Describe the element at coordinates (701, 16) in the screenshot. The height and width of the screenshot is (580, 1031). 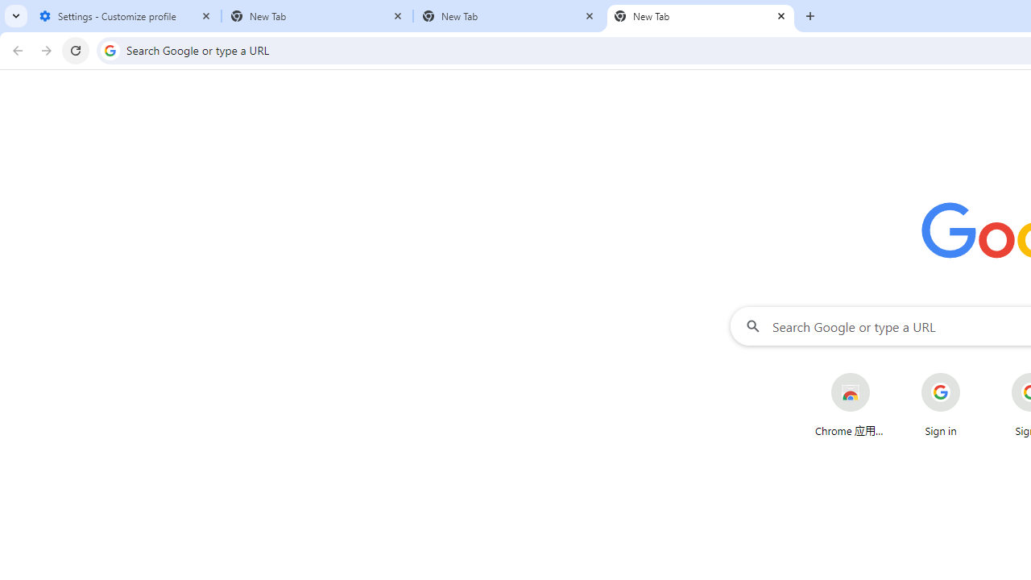
I see `'New Tab'` at that location.